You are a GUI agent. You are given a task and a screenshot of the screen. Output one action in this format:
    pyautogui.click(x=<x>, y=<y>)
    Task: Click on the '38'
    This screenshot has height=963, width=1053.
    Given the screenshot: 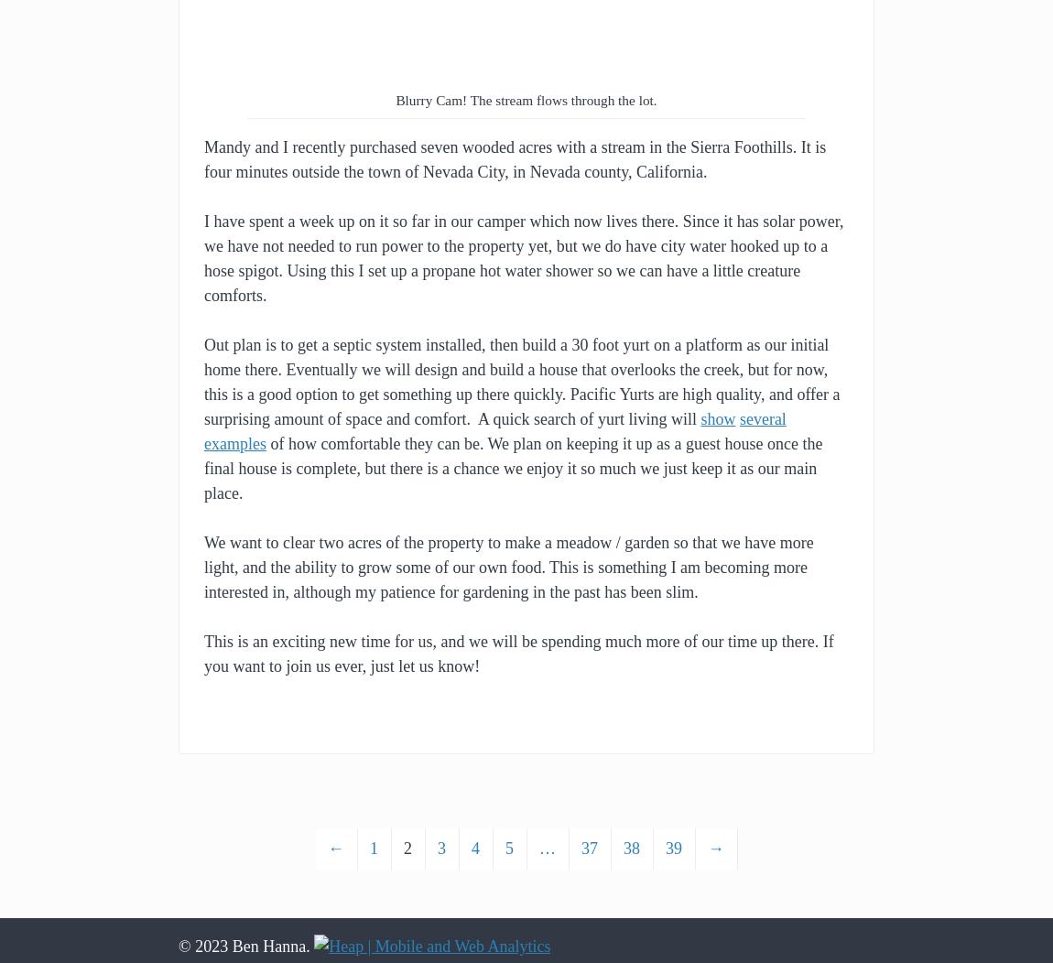 What is the action you would take?
    pyautogui.click(x=631, y=848)
    